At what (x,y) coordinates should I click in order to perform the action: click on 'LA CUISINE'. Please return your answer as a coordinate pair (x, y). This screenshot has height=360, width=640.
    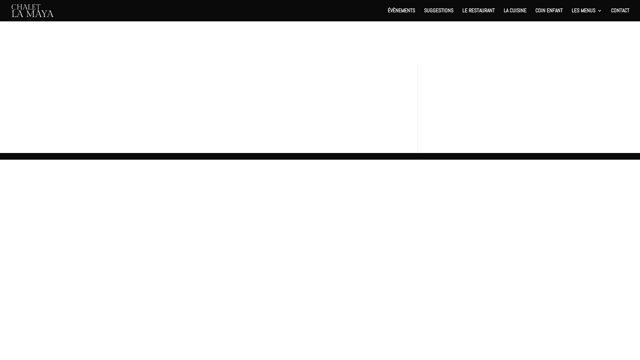
    Looking at the image, I should click on (515, 15).